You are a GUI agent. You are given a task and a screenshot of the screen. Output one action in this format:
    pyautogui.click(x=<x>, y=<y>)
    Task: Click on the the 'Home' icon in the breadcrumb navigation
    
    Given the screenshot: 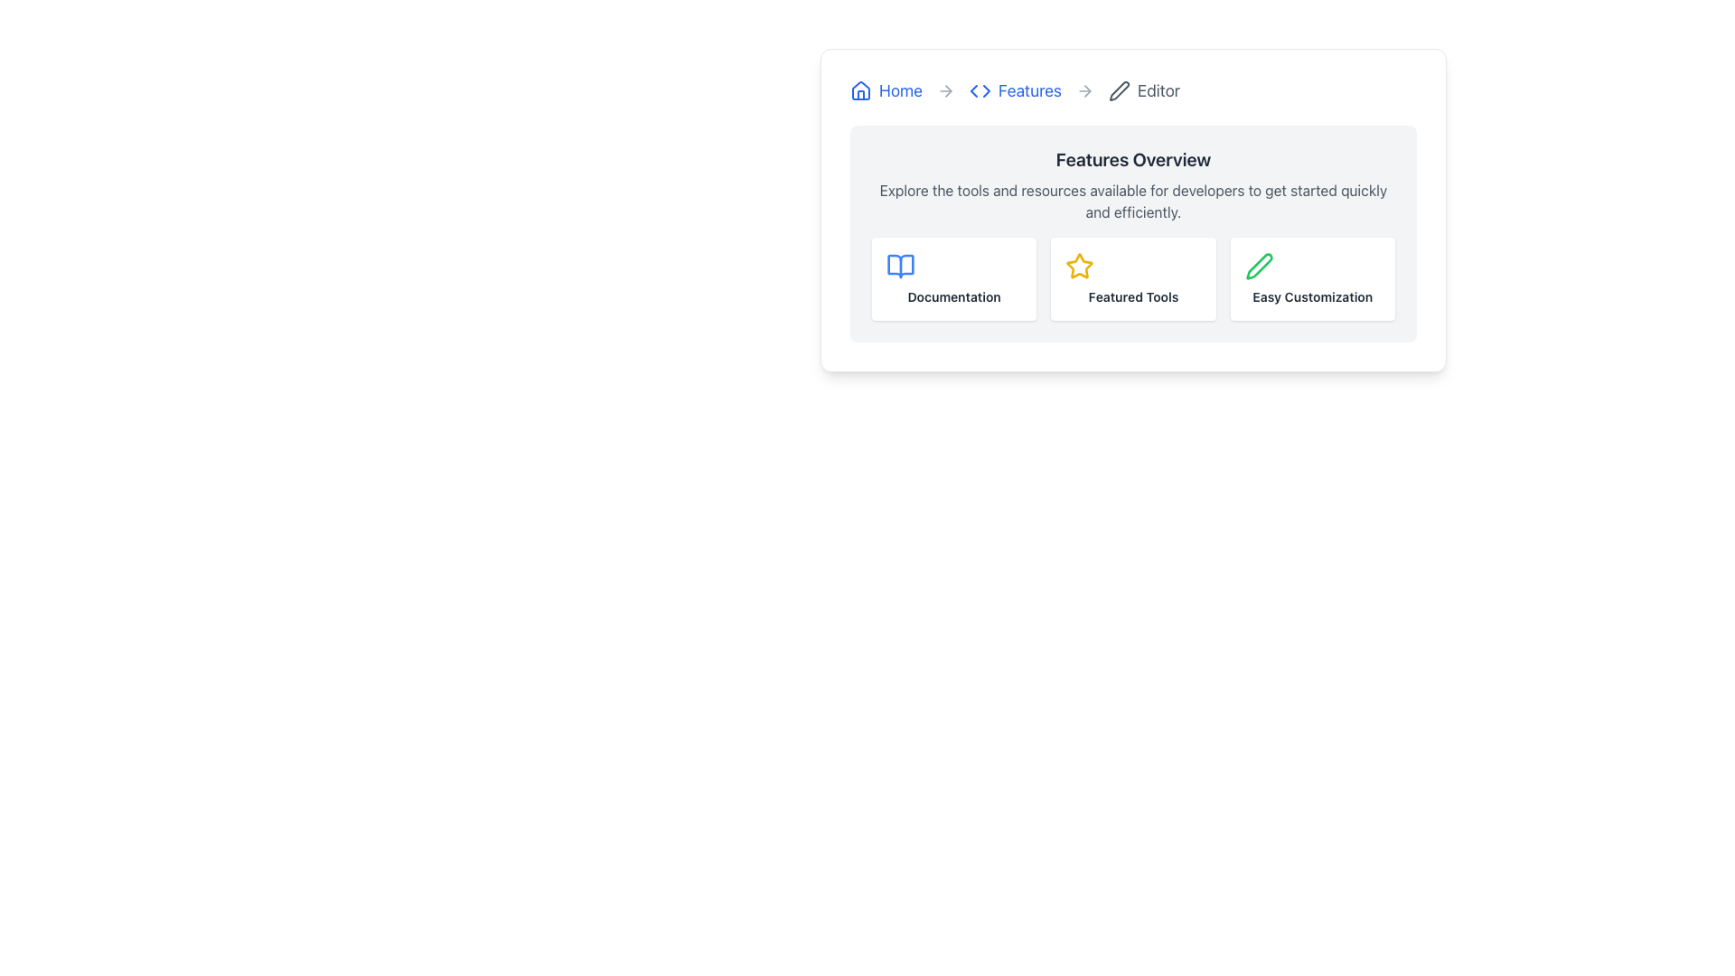 What is the action you would take?
    pyautogui.click(x=860, y=90)
    